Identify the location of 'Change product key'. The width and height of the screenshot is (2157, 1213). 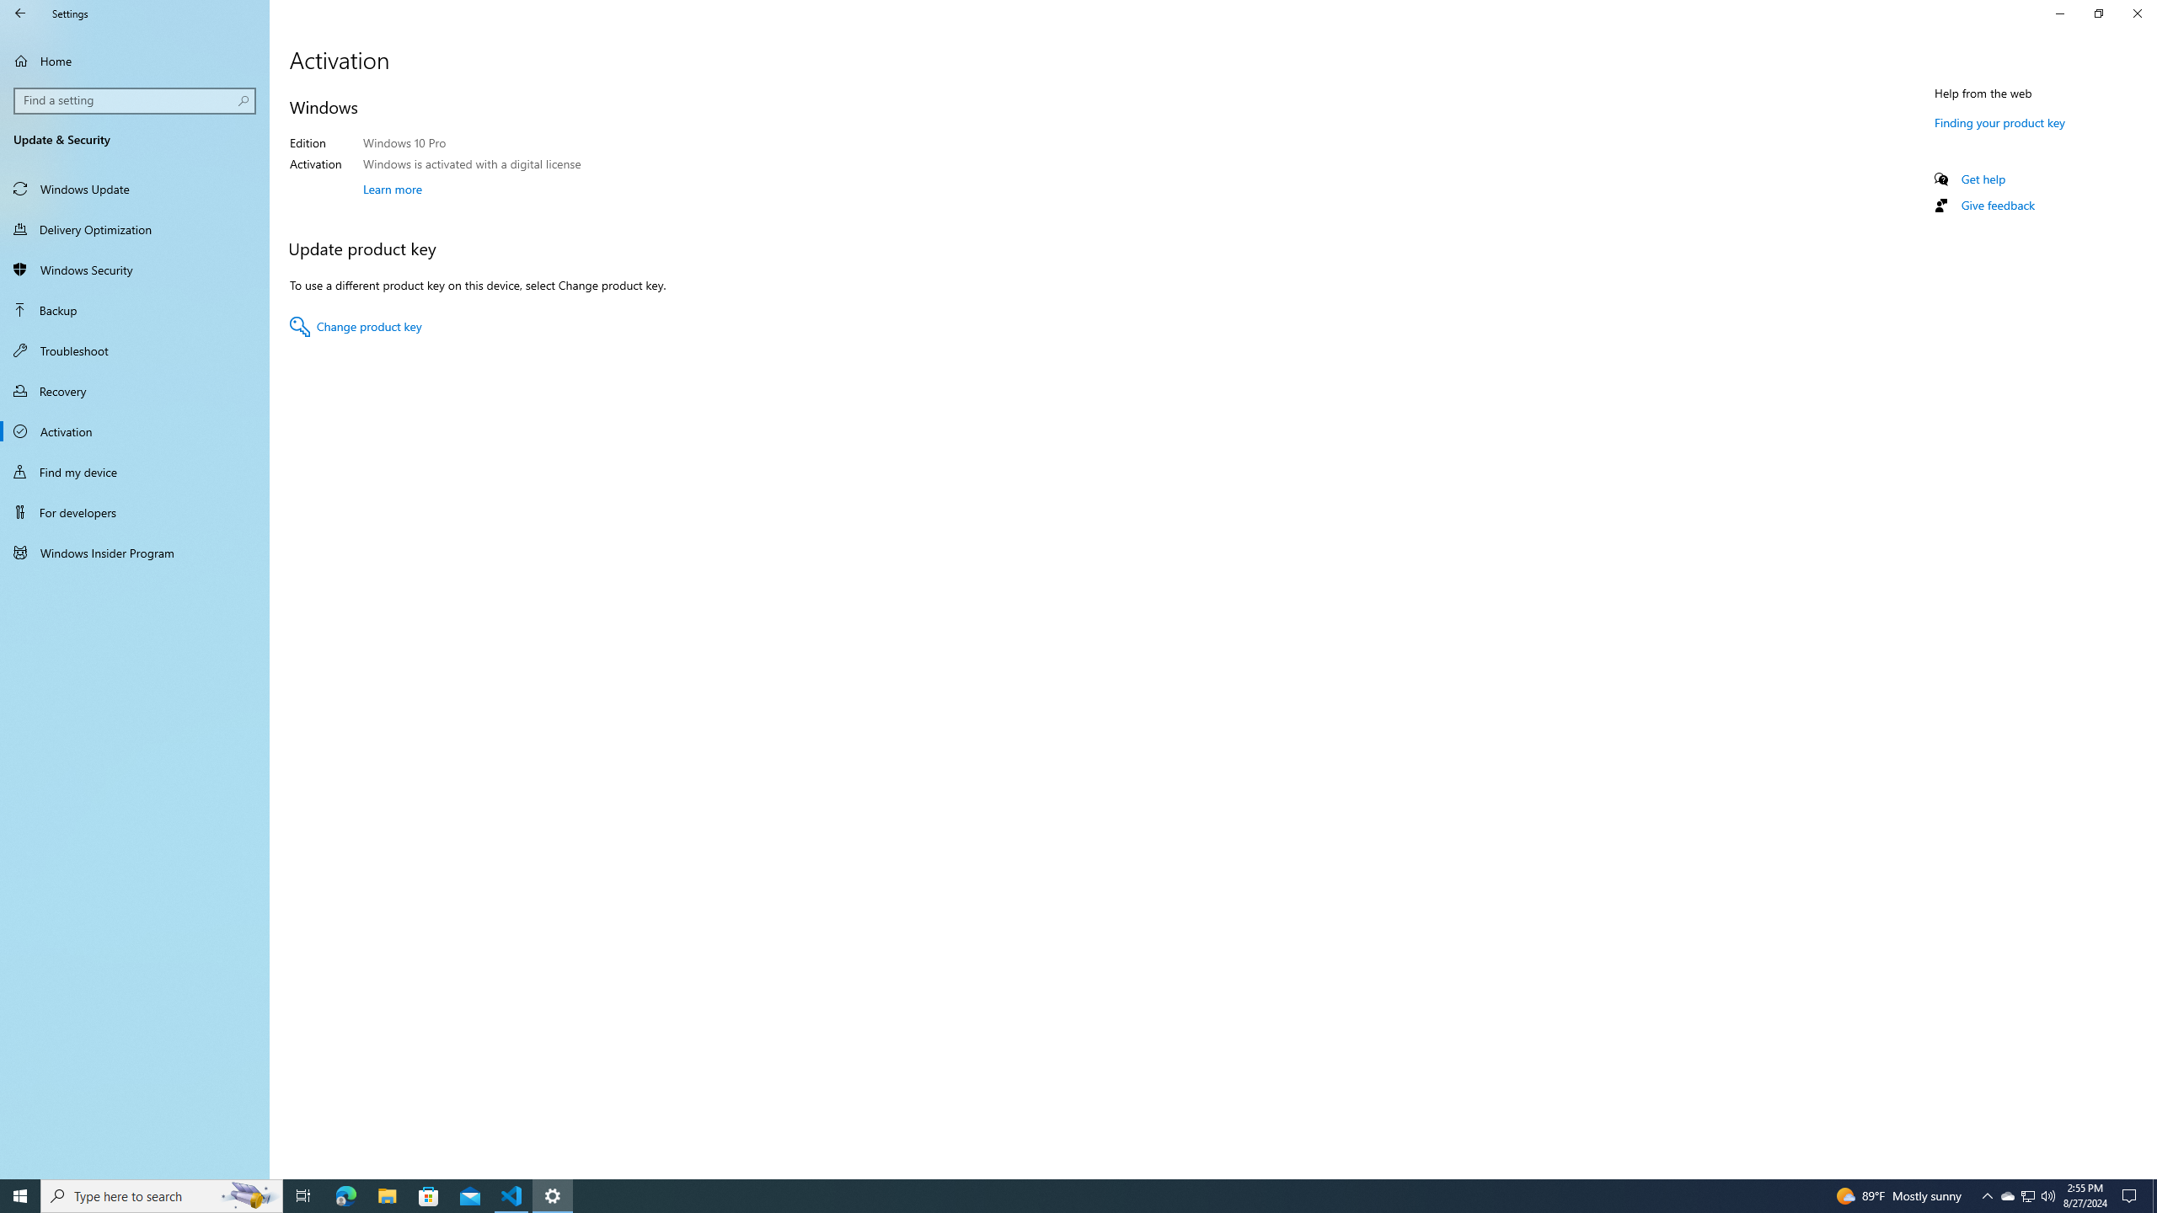
(355, 326).